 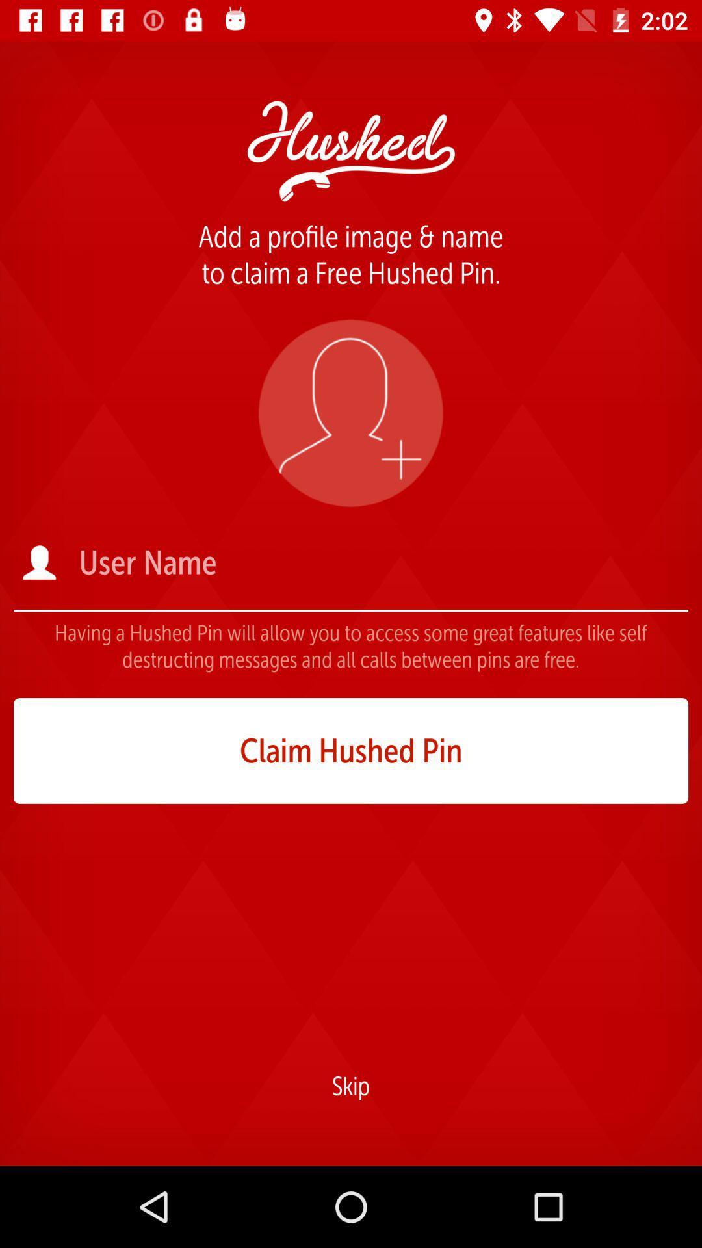 What do you see at coordinates (350, 412) in the screenshot?
I see `the icon below the add a profile item` at bounding box center [350, 412].